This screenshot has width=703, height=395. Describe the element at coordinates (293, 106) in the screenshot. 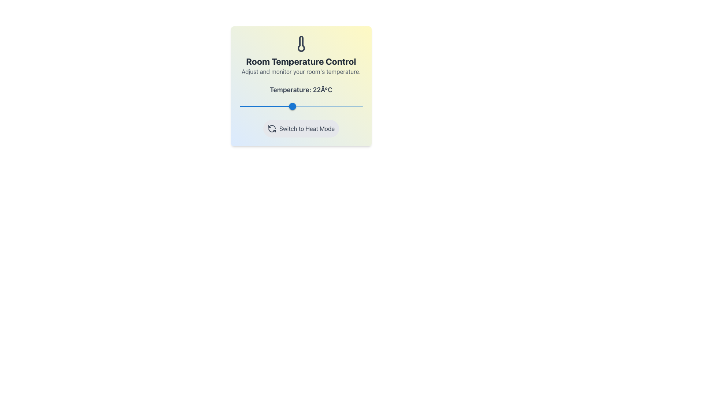

I see `the temperature` at that location.